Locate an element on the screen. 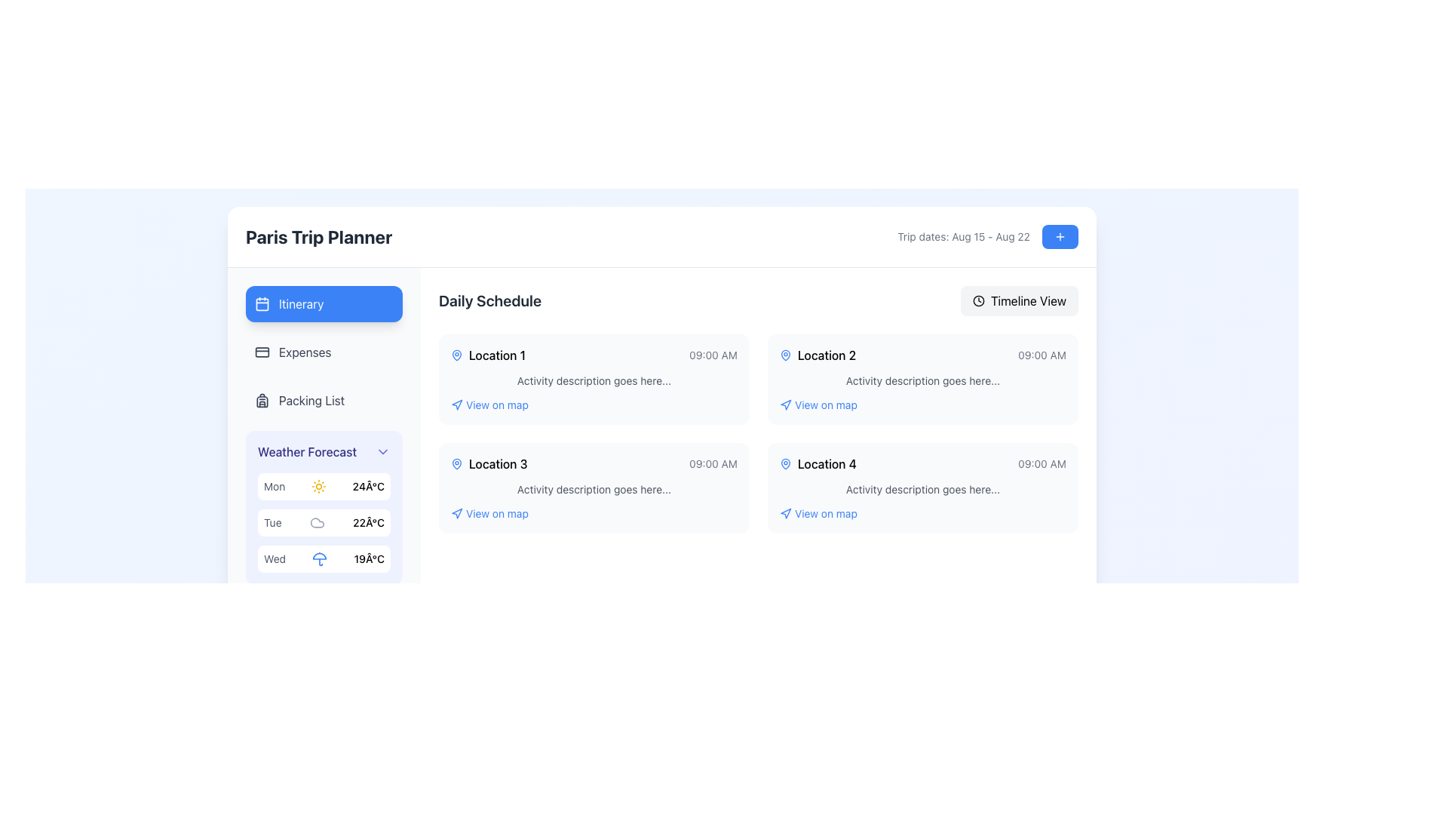  the 'Location 3' label with a map pin icon, located in the center-left portion of the interface under the 'Daily Schedule' section is located at coordinates (489, 463).